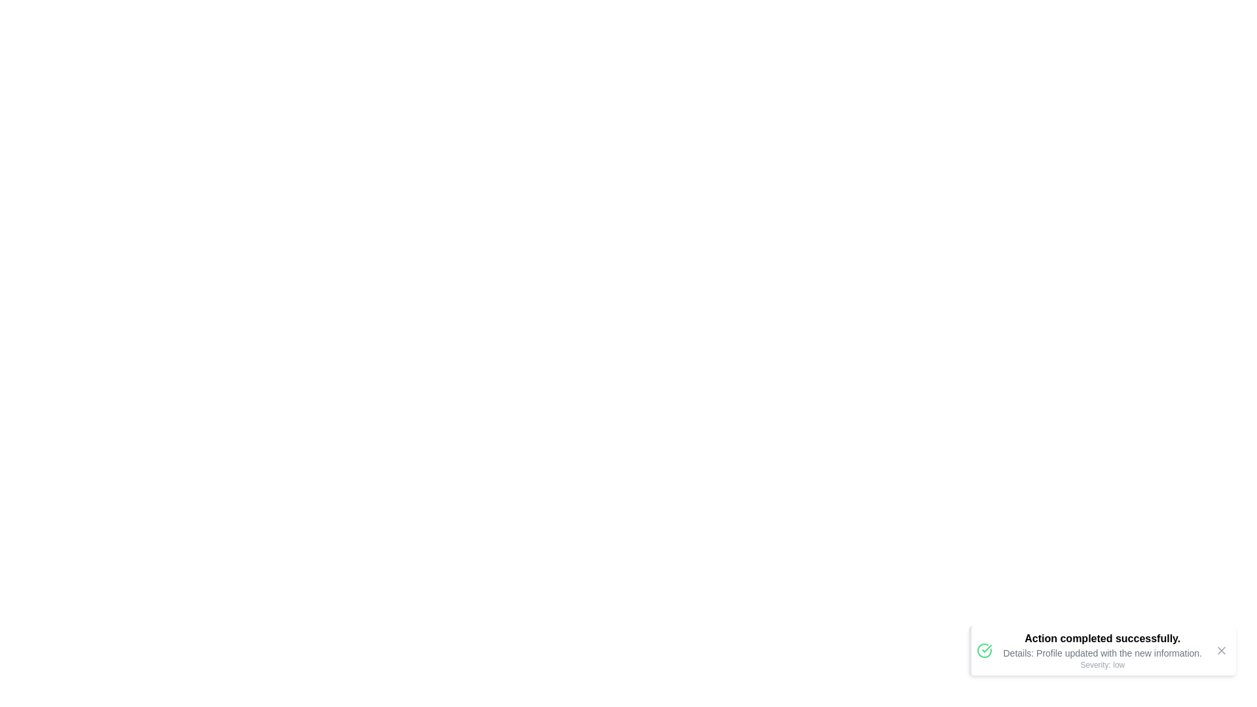  Describe the element at coordinates (1221, 651) in the screenshot. I see `the dismiss button to close the notification` at that location.